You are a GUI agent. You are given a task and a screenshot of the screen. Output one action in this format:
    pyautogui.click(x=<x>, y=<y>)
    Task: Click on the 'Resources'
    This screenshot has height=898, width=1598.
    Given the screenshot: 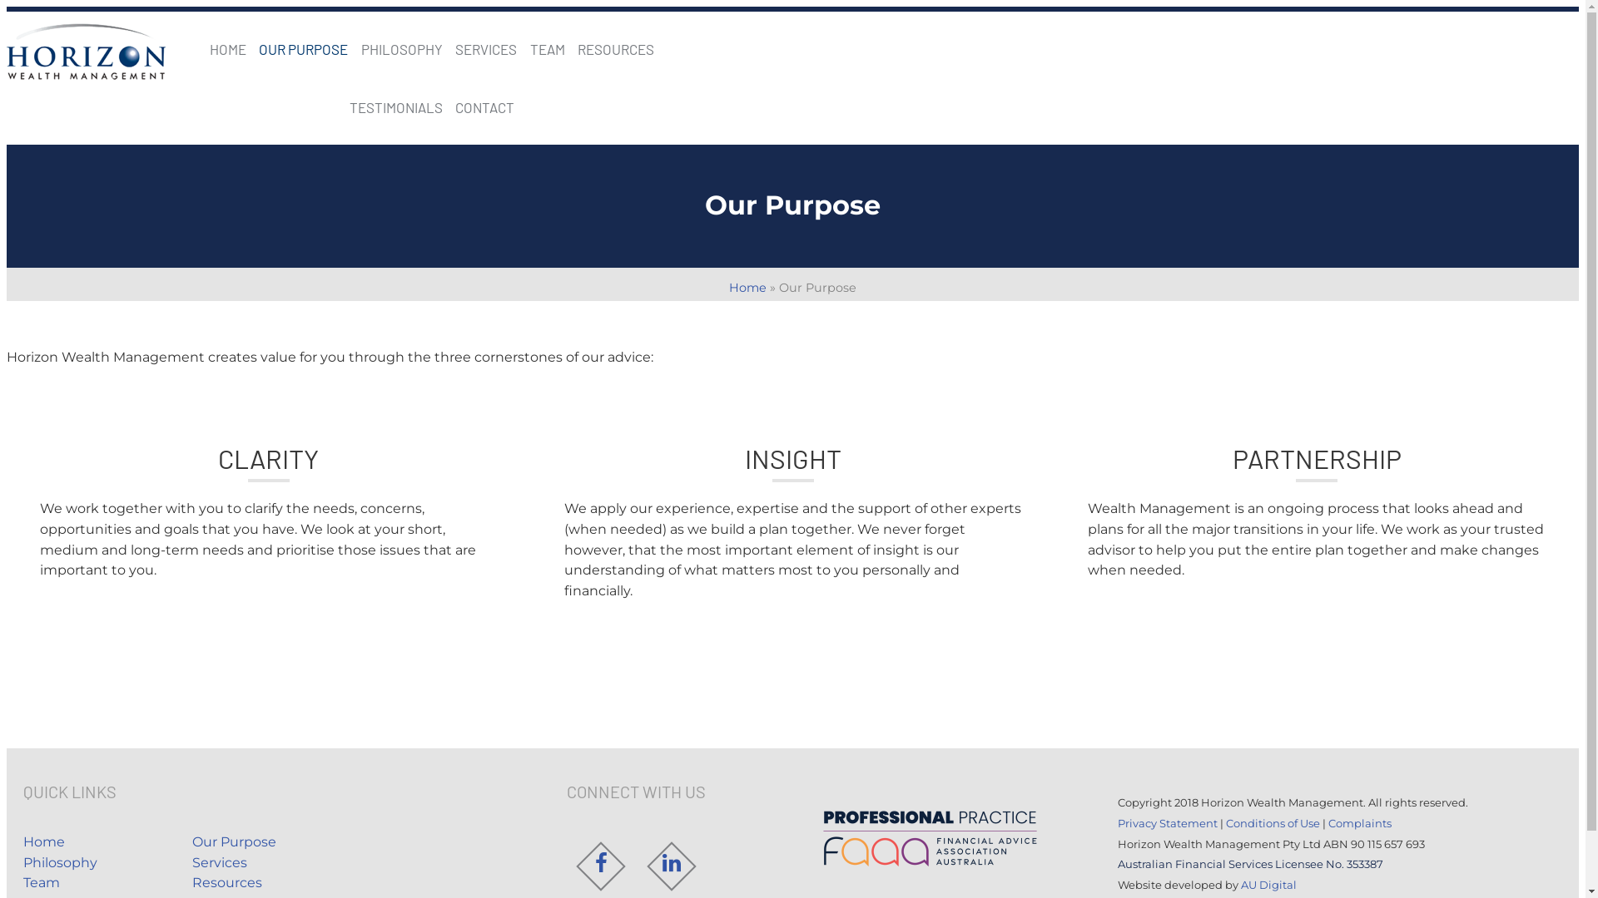 What is the action you would take?
    pyautogui.click(x=226, y=881)
    